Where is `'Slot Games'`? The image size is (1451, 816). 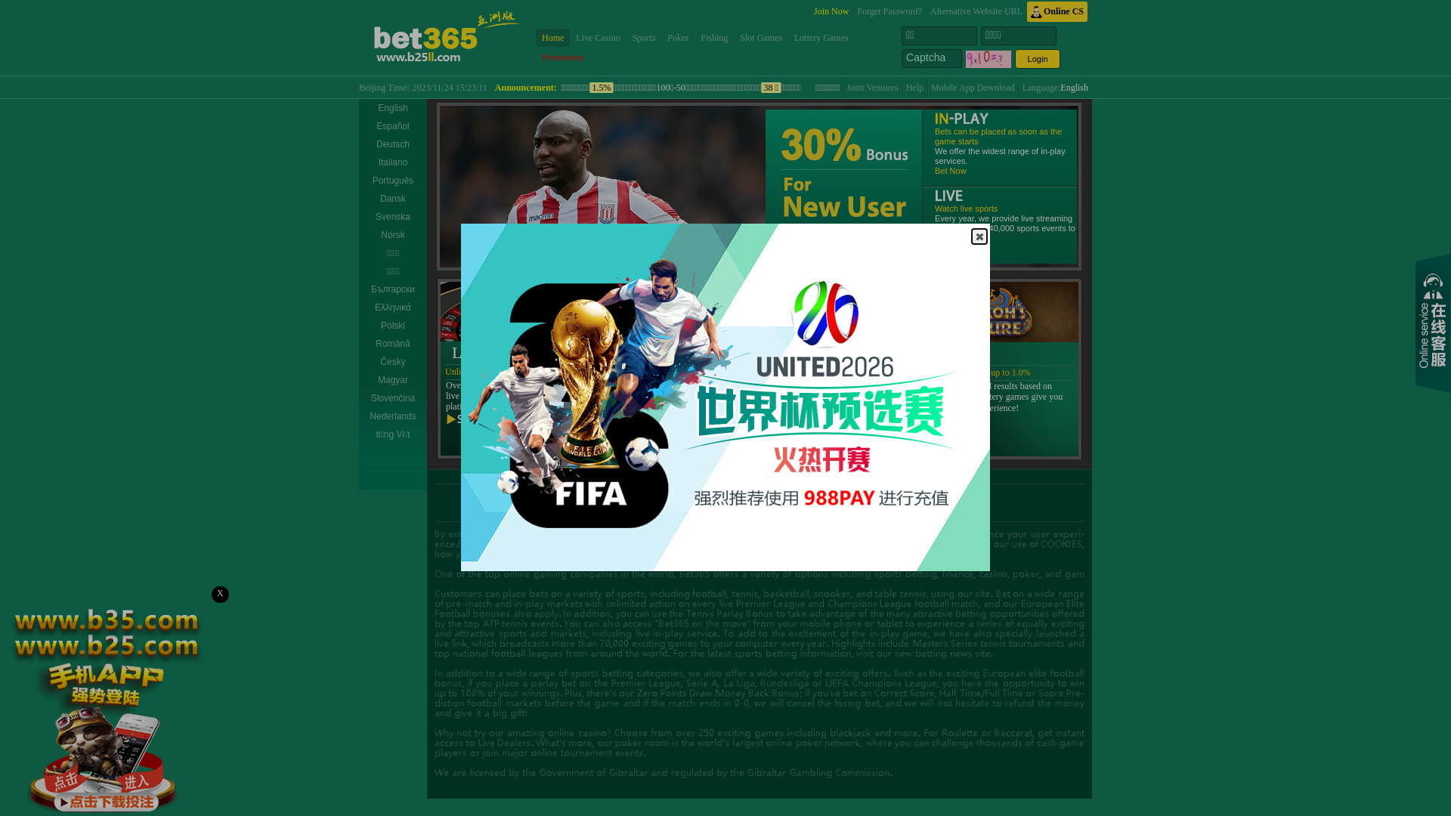 'Slot Games' is located at coordinates (761, 37).